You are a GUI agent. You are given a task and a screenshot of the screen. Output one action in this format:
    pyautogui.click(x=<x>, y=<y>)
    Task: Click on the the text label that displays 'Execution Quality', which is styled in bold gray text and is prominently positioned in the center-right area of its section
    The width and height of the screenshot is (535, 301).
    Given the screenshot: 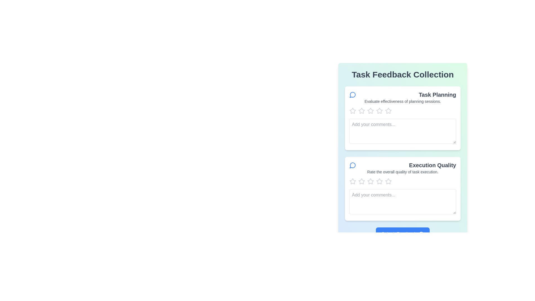 What is the action you would take?
    pyautogui.click(x=432, y=165)
    